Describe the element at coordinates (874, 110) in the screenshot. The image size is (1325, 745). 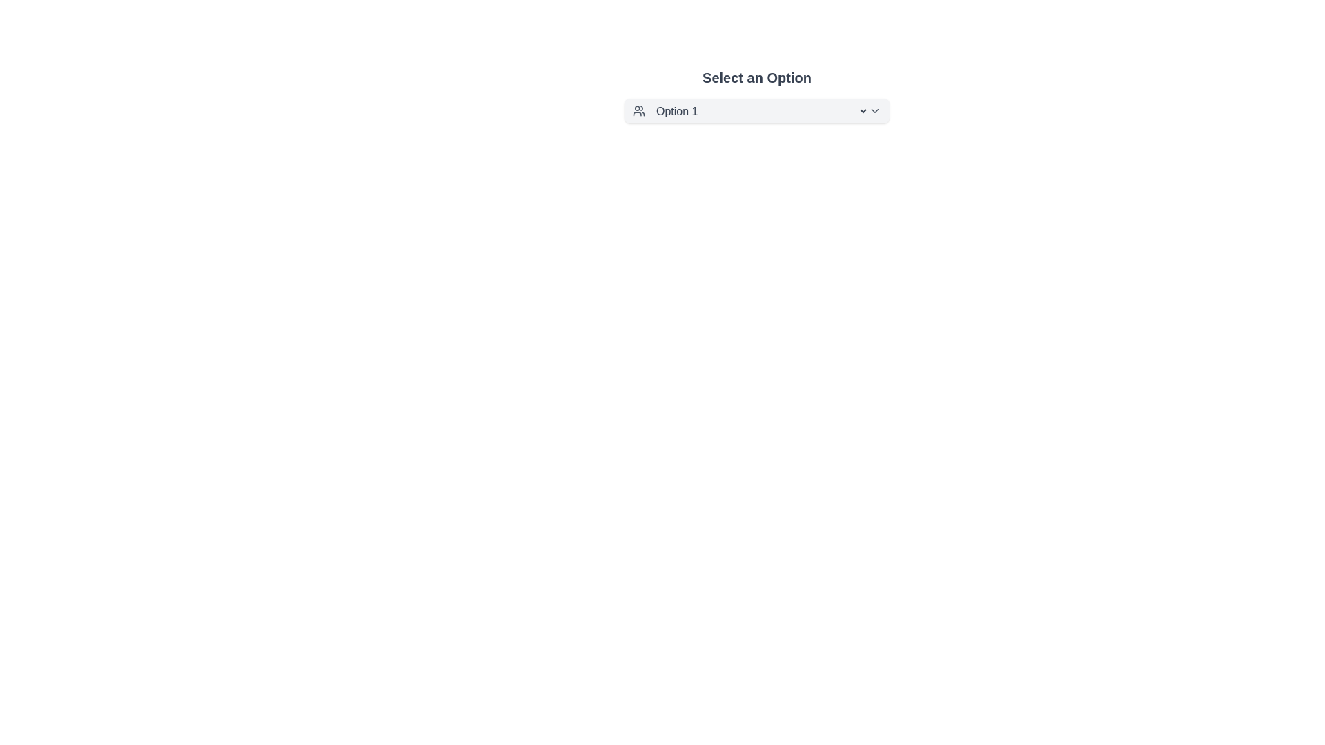
I see `the downward-pointing chevron icon located at the right end of the dropdown field` at that location.